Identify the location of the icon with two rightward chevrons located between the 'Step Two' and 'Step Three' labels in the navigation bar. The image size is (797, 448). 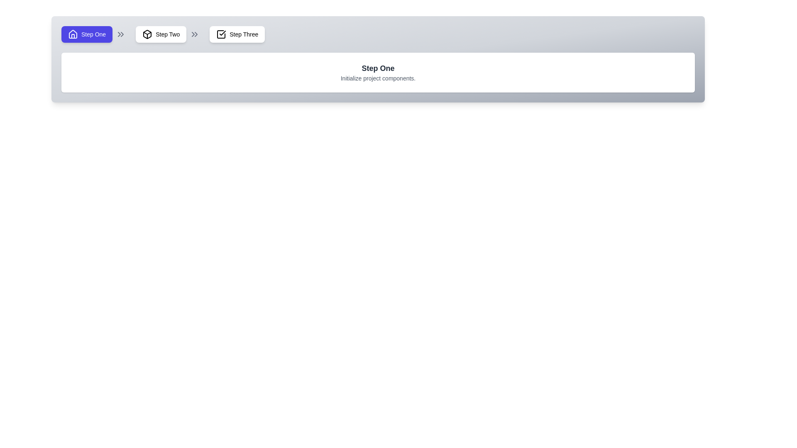
(194, 34).